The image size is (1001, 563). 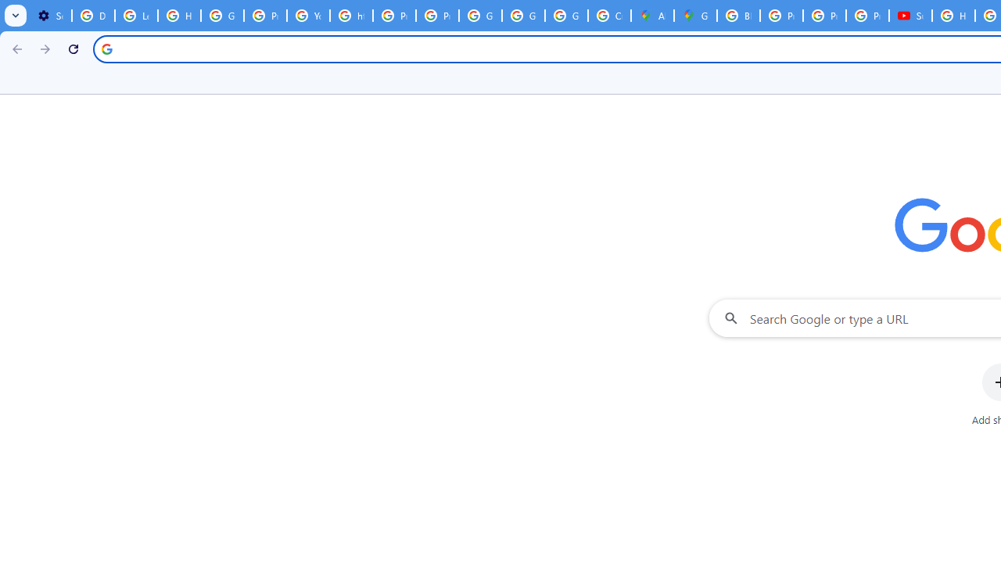 What do you see at coordinates (350, 16) in the screenshot?
I see `'https://scholar.google.com/'` at bounding box center [350, 16].